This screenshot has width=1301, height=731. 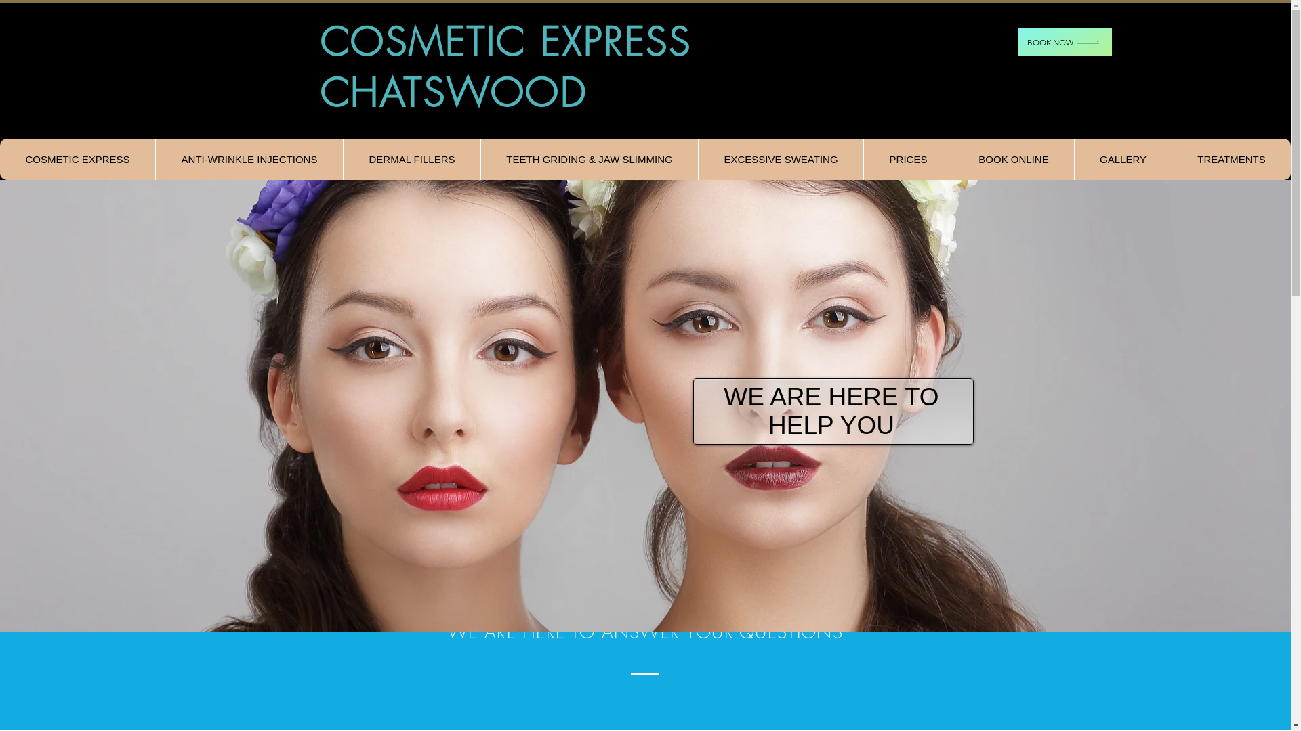 I want to click on 'PRICES', so click(x=907, y=158).